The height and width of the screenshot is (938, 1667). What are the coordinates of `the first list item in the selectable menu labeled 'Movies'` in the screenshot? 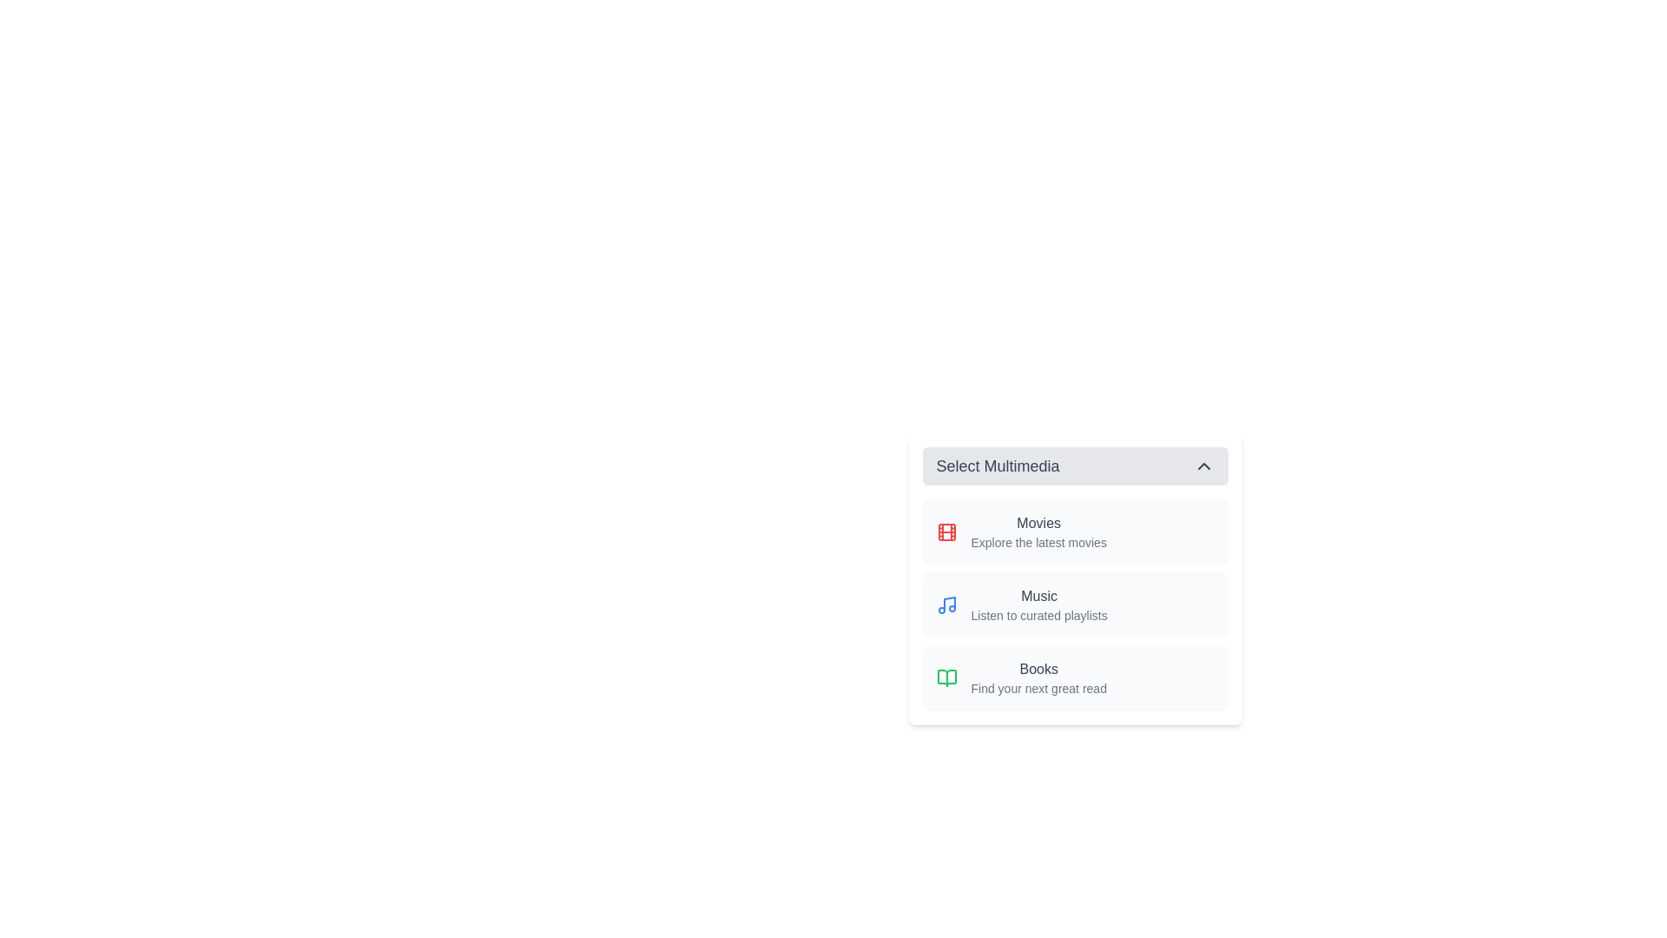 It's located at (1074, 532).